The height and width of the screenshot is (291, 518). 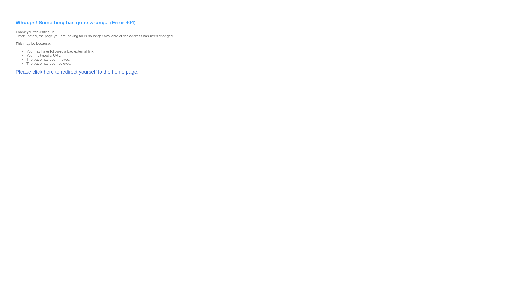 I want to click on 'Please click here to redirect yourself to the home page.', so click(x=77, y=71).